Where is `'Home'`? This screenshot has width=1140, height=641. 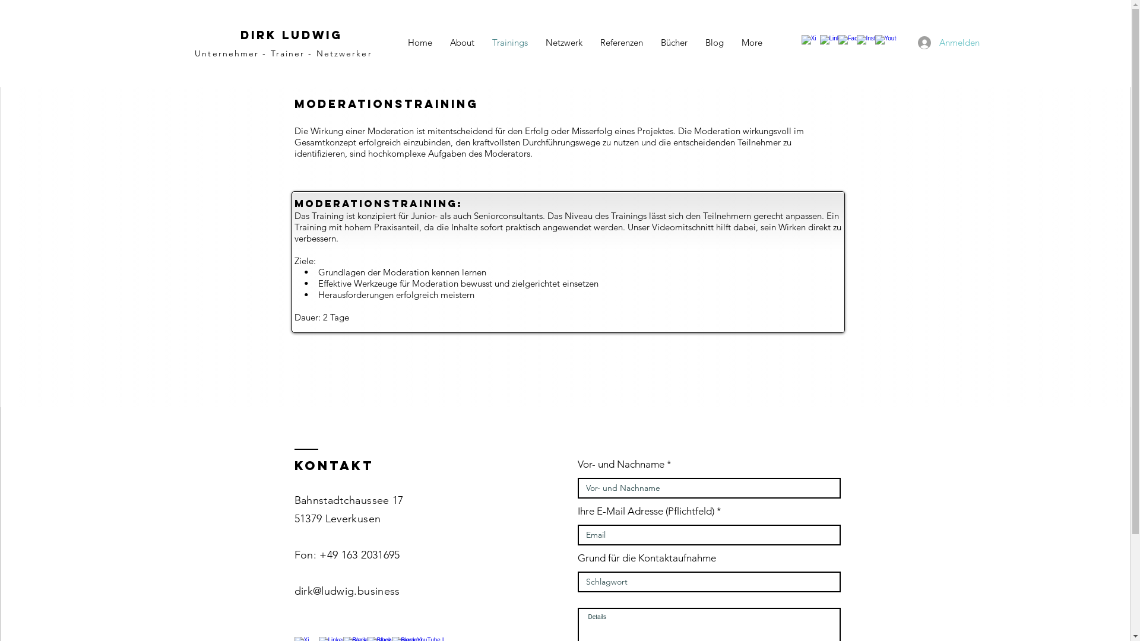
'Home' is located at coordinates (420, 42).